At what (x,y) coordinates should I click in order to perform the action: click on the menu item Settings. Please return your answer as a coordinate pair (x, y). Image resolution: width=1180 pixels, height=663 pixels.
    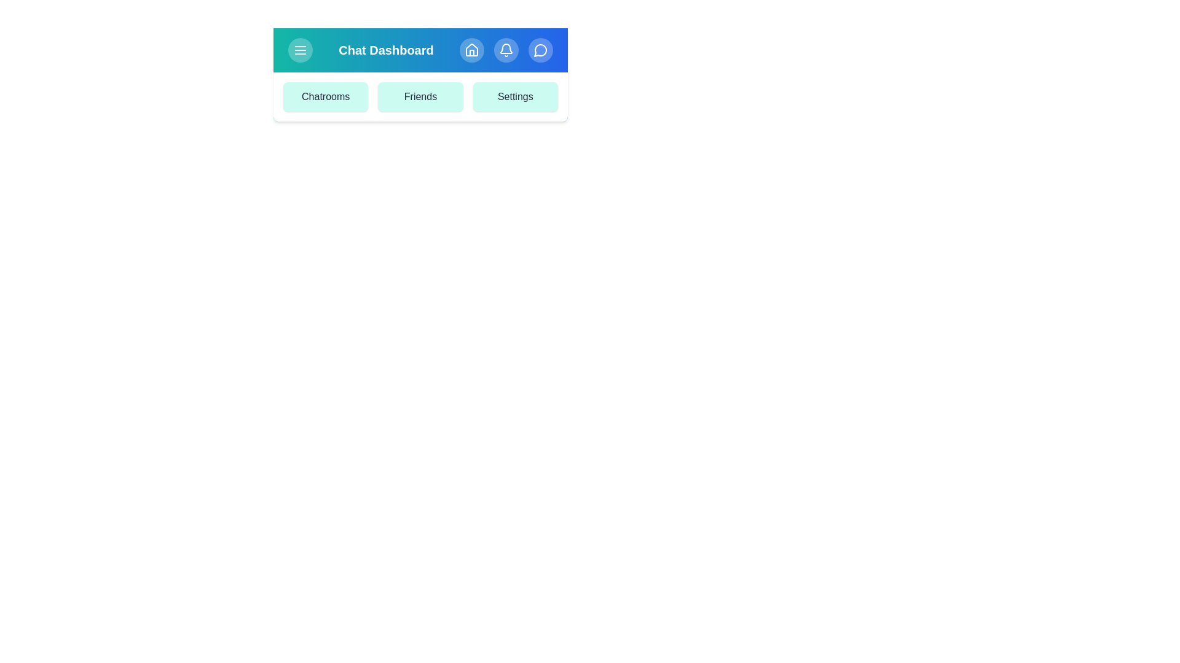
    Looking at the image, I should click on (515, 96).